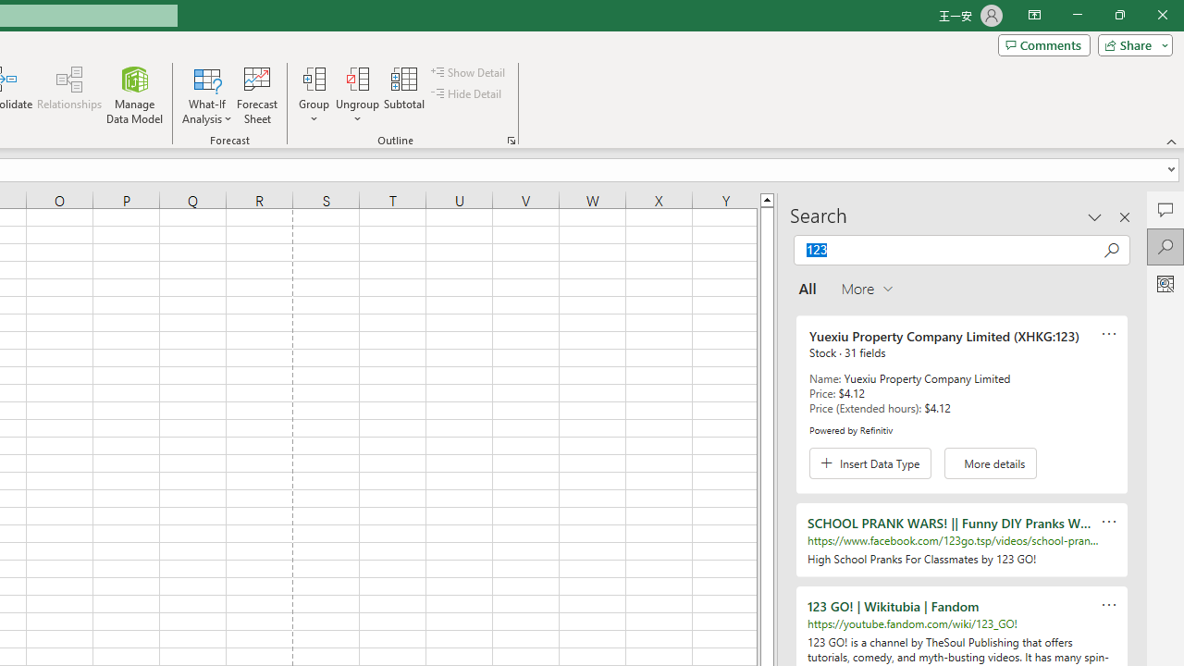 The image size is (1184, 666). Describe the element at coordinates (511, 139) in the screenshot. I see `'Group and Outline Settings'` at that location.